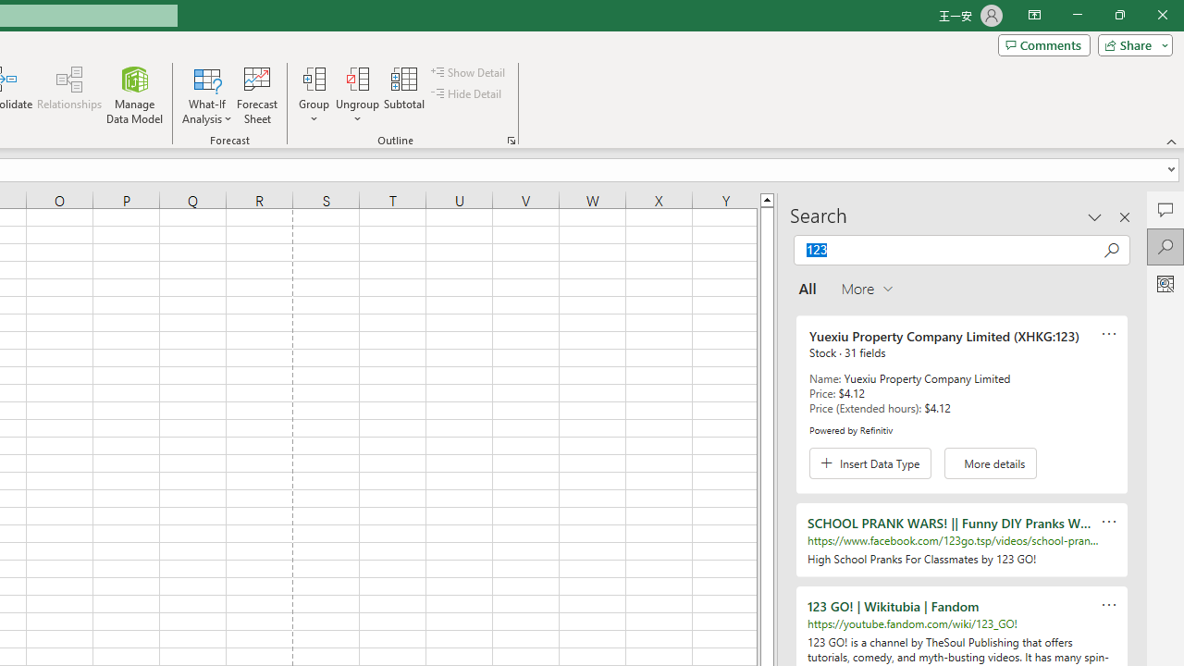 The image size is (1184, 666). Describe the element at coordinates (511, 139) in the screenshot. I see `'Group and Outline Settings'` at that location.